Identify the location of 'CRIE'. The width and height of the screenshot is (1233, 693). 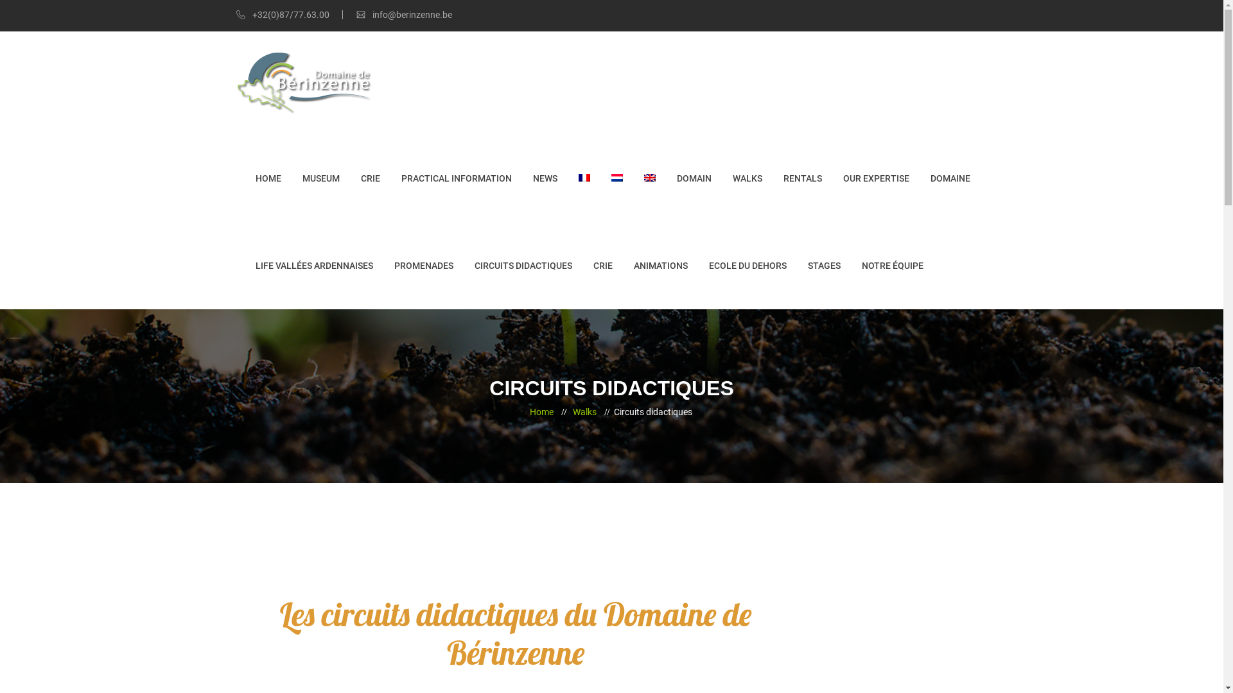
(602, 264).